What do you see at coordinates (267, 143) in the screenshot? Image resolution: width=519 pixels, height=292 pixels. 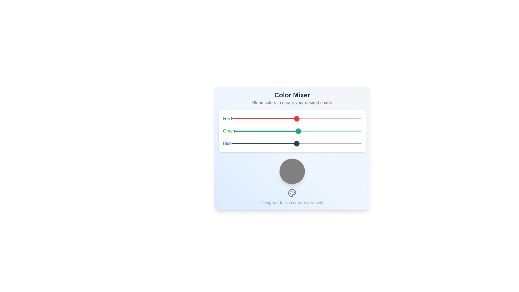 I see `the Blue channel` at bounding box center [267, 143].